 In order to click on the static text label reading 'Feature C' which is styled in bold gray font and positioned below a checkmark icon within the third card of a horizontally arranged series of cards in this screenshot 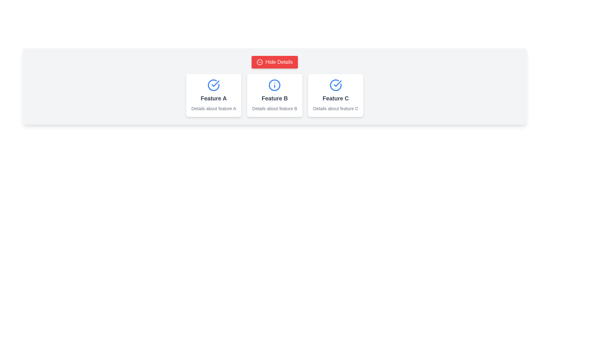, I will do `click(335, 99)`.